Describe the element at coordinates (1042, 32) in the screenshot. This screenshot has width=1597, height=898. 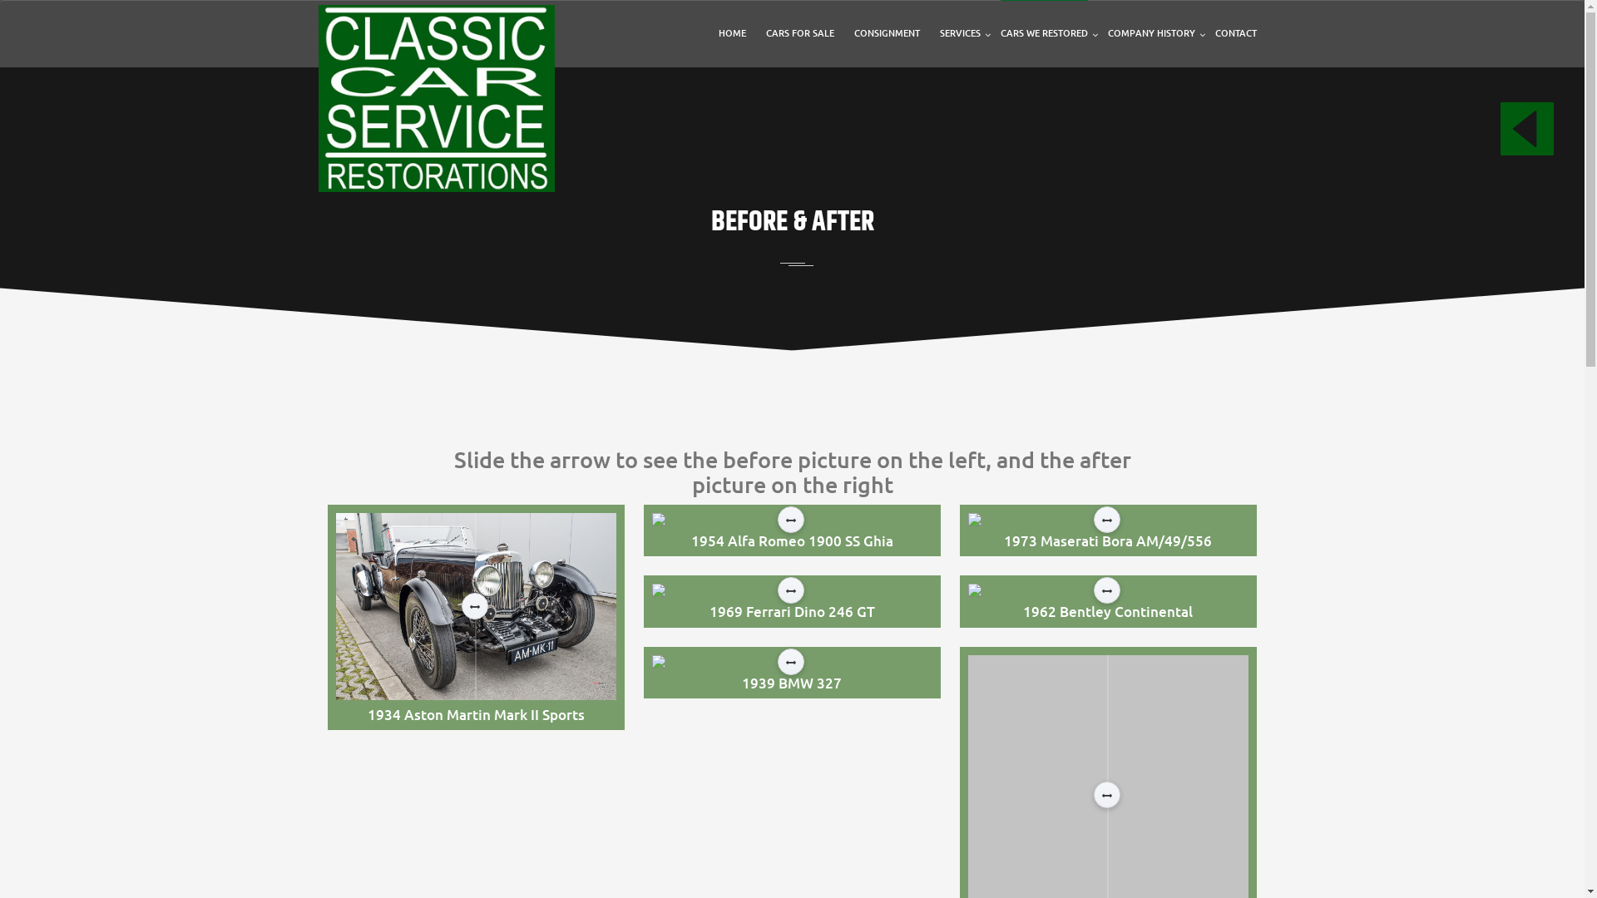
I see `'CARS WE RESTORED'` at that location.